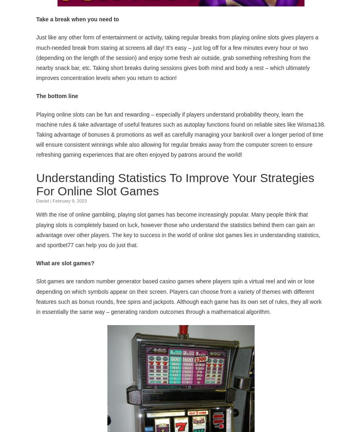 Image resolution: width=362 pixels, height=432 pixels. Describe the element at coordinates (77, 18) in the screenshot. I see `'Take a break when you need to'` at that location.